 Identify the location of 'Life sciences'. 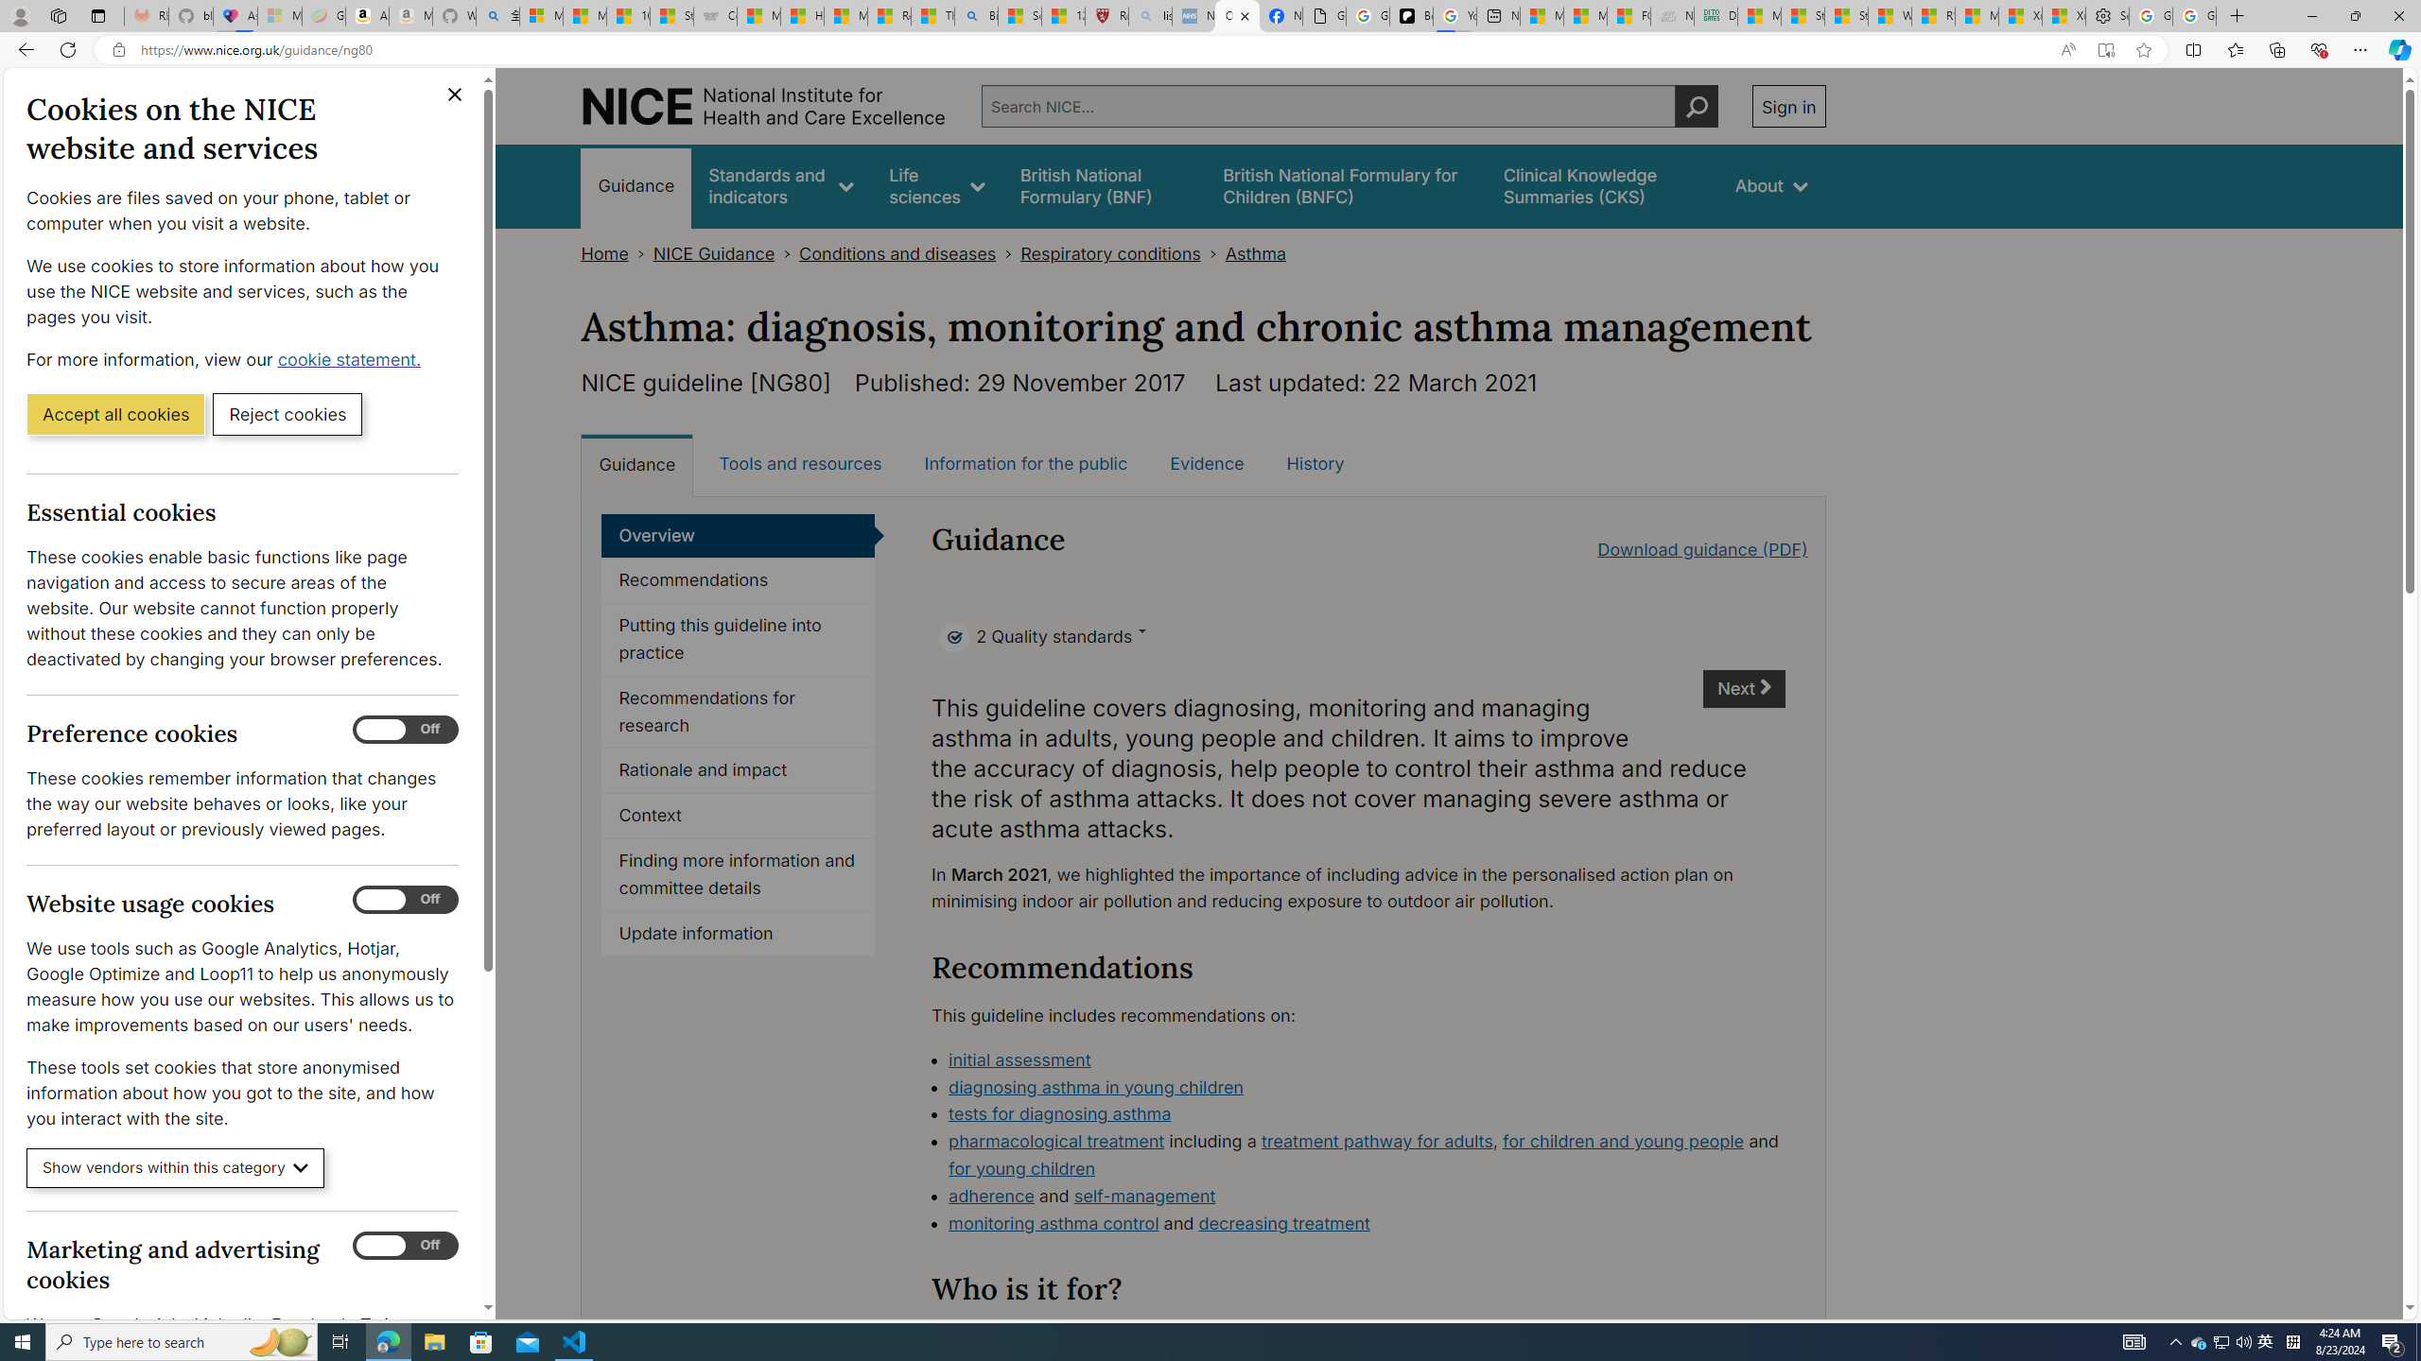
(936, 185).